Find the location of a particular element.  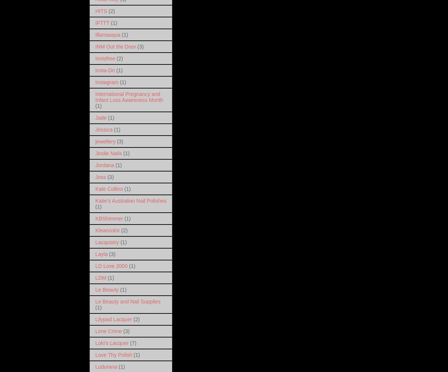

'Love Thy Polish' is located at coordinates (113, 354).